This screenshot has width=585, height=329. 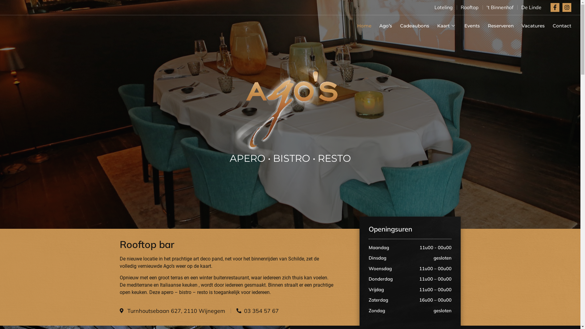 I want to click on ''t Binnenhof', so click(x=500, y=7).